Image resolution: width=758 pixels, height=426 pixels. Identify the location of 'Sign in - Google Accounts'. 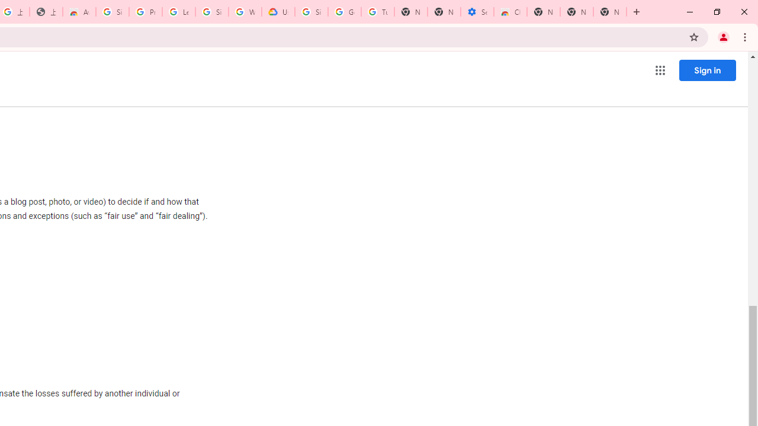
(113, 12).